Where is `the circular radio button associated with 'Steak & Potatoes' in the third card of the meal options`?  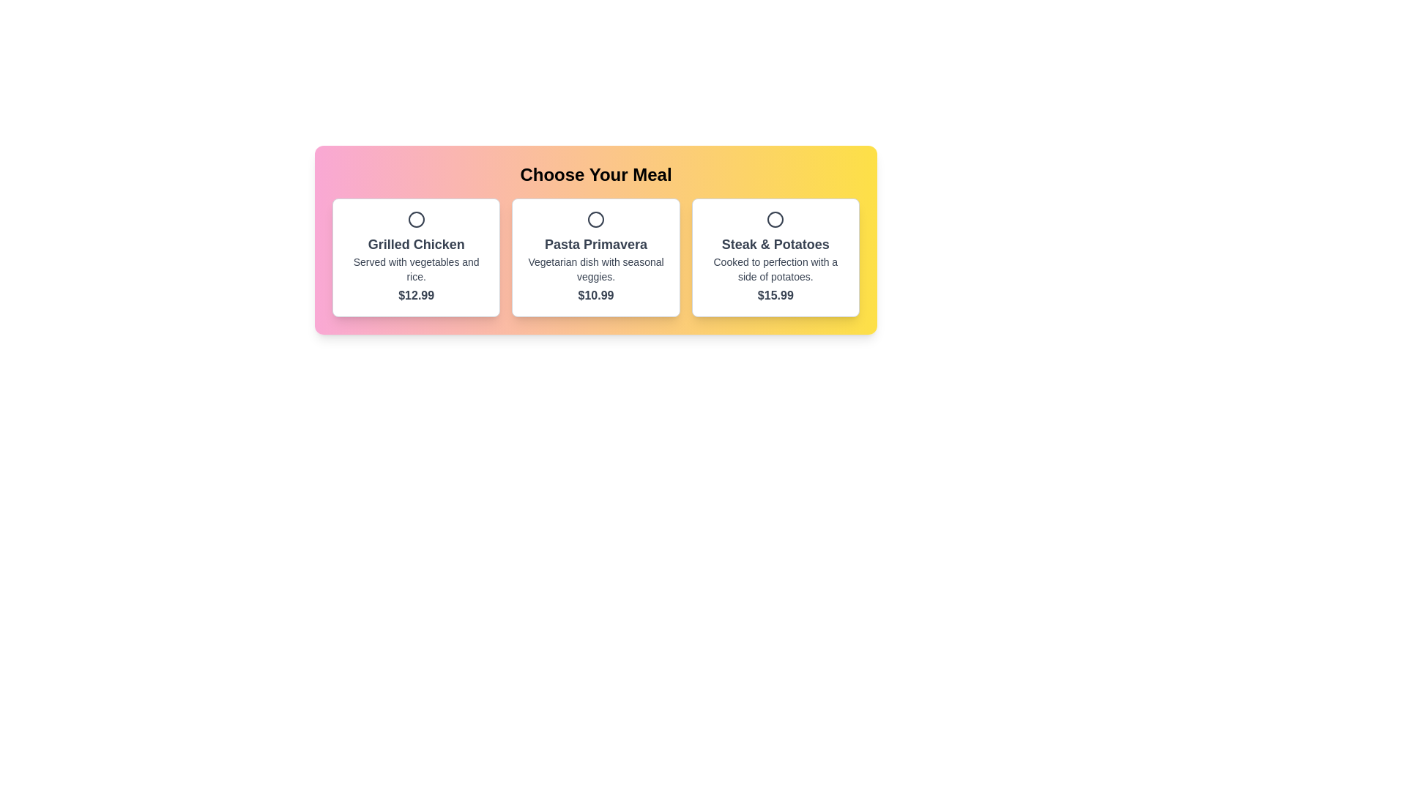
the circular radio button associated with 'Steak & Potatoes' in the third card of the meal options is located at coordinates (775, 220).